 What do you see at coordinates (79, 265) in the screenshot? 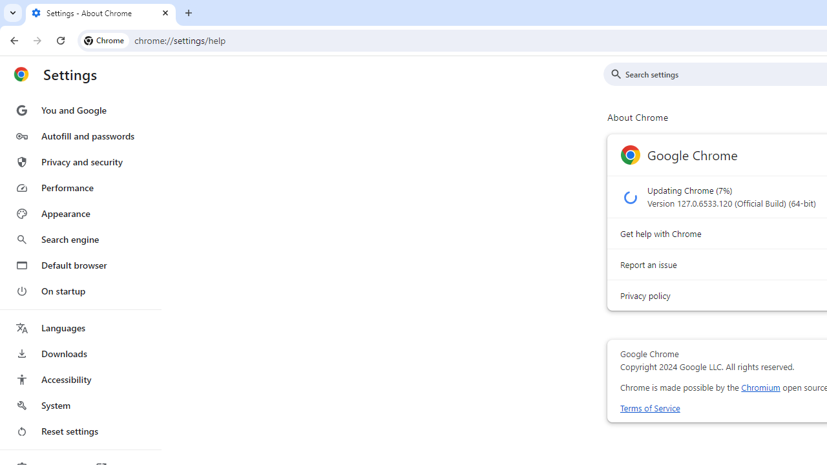
I see `'Default browser'` at bounding box center [79, 265].